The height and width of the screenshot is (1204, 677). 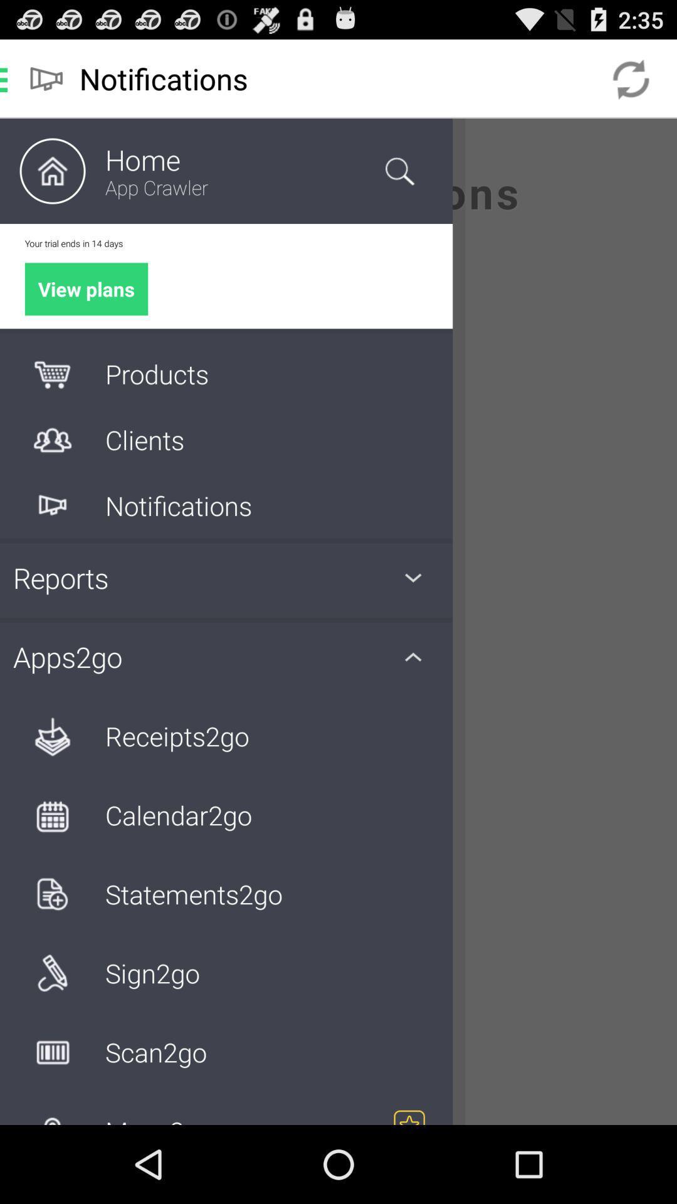 I want to click on the home icon, so click(x=52, y=182).